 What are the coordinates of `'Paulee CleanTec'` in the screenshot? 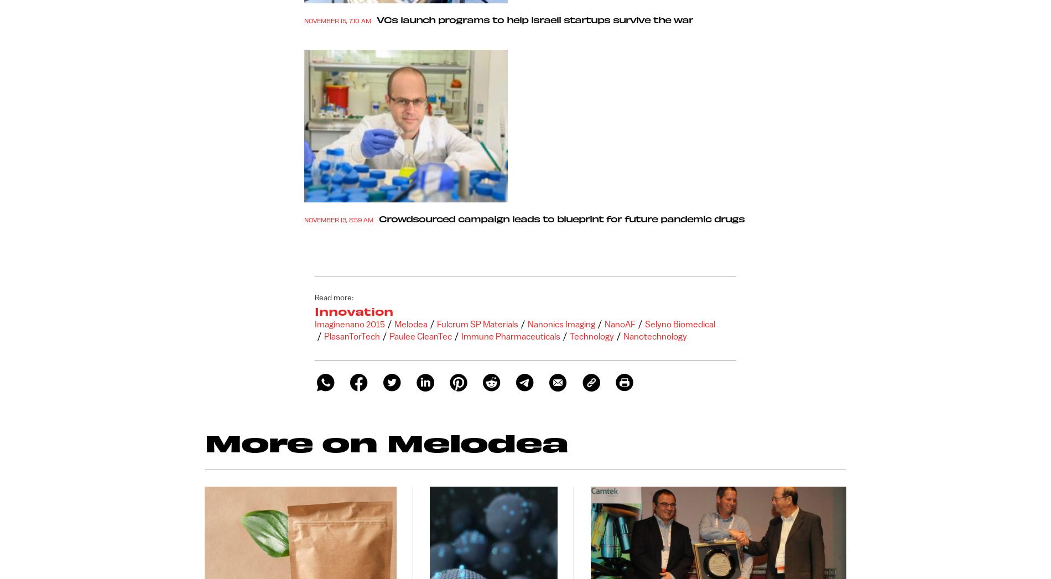 It's located at (420, 336).